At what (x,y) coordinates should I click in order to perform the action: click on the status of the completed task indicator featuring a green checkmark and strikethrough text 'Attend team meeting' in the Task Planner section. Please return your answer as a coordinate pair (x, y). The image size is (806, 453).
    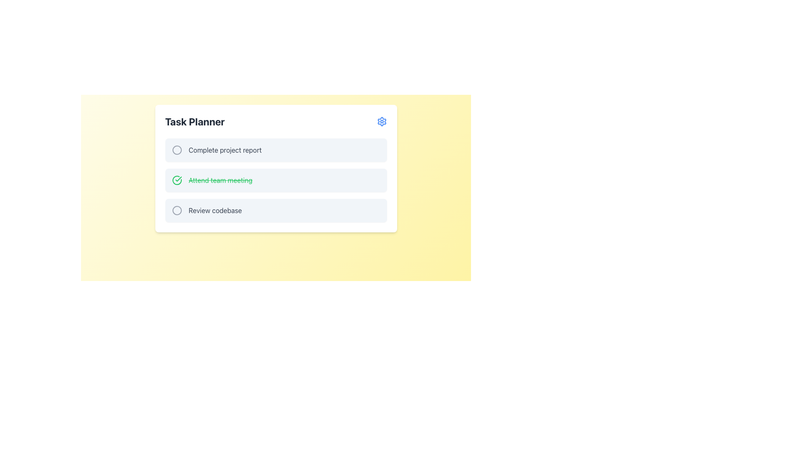
    Looking at the image, I should click on (212, 180).